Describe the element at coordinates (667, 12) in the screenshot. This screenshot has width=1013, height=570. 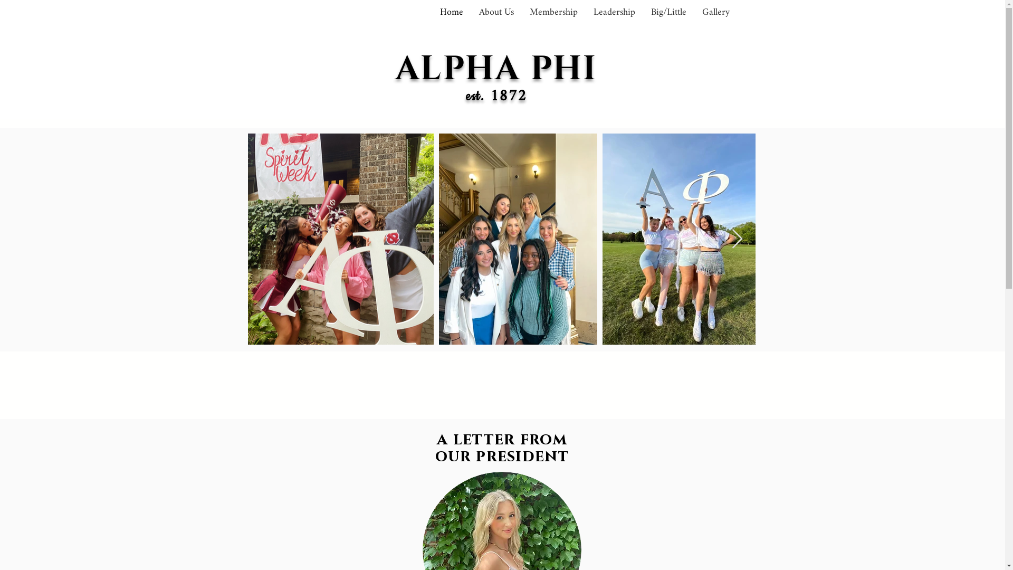
I see `'Big/Little'` at that location.